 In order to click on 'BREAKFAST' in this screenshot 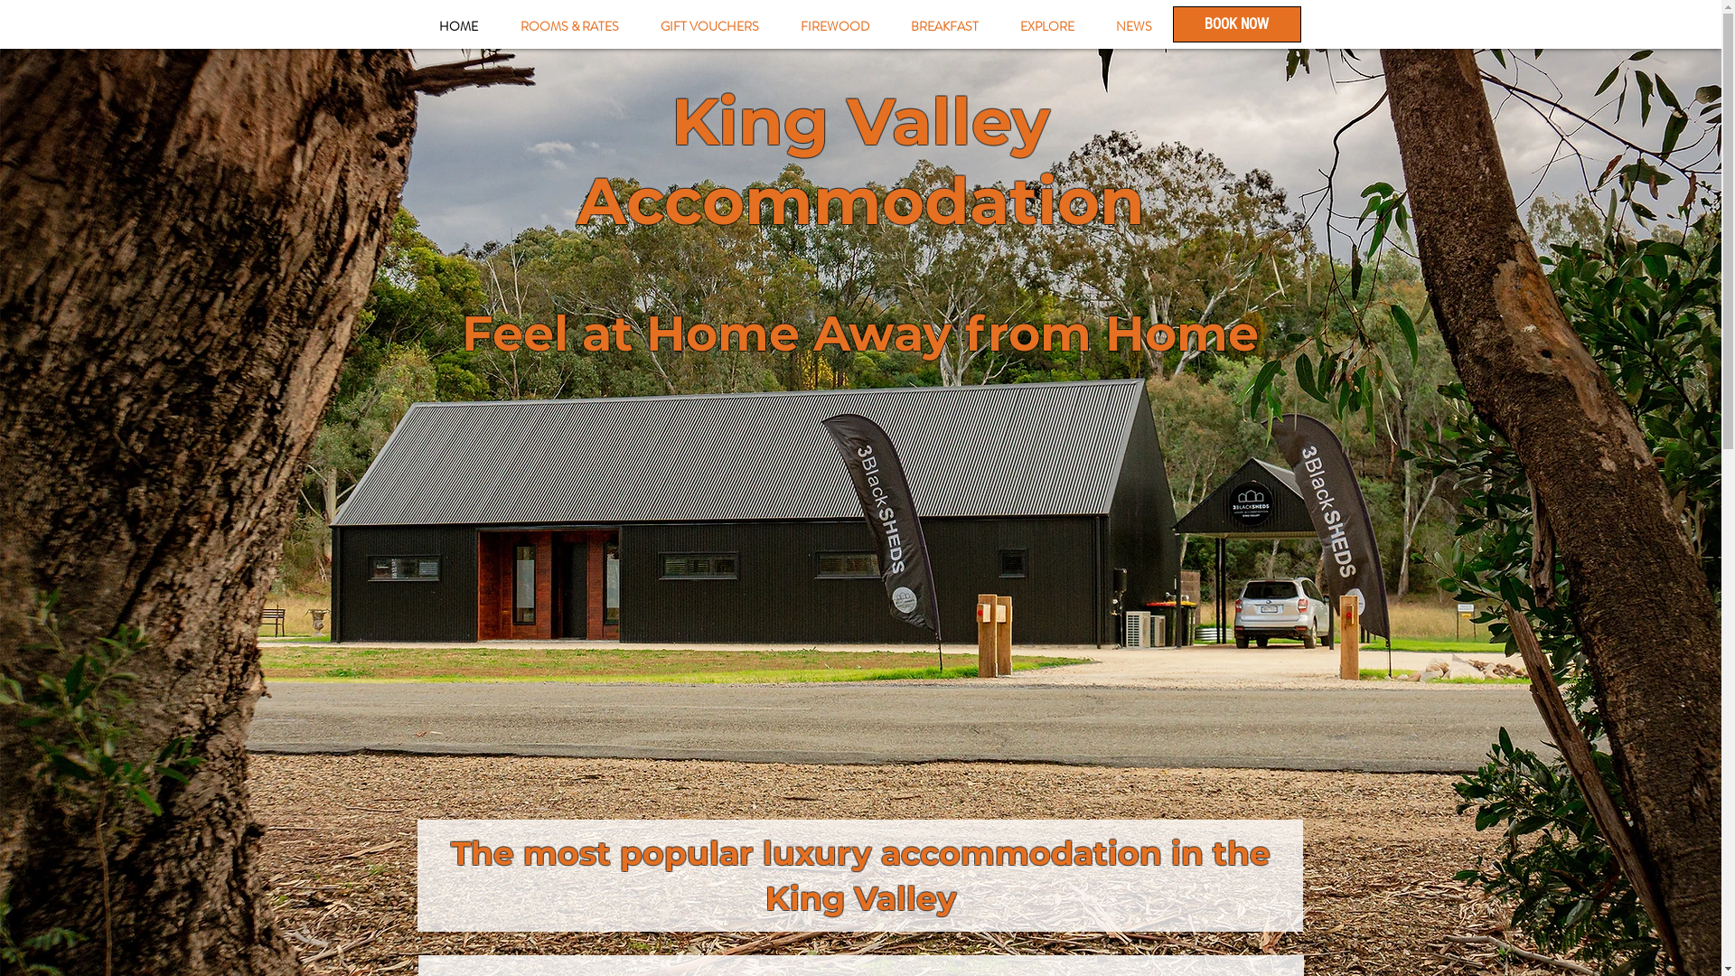, I will do `click(888, 26)`.